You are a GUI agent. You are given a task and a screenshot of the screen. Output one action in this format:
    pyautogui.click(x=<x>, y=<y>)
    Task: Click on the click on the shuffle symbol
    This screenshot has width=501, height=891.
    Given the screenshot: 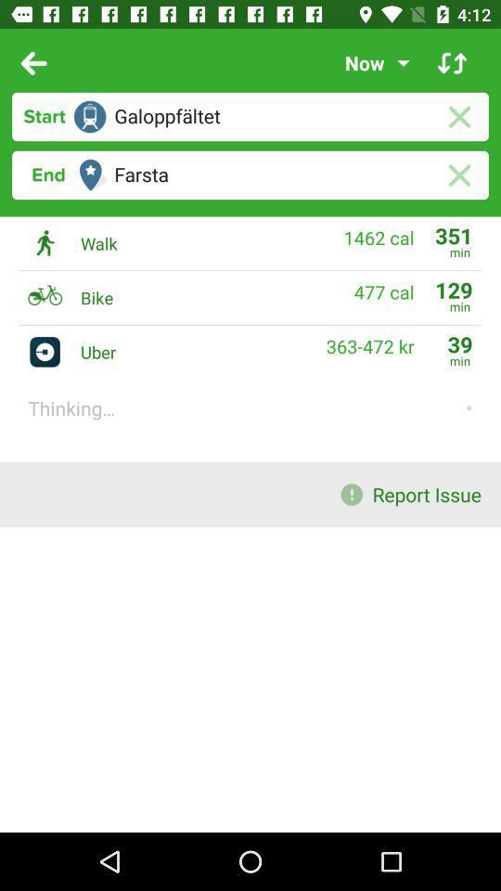 What is the action you would take?
    pyautogui.click(x=451, y=63)
    